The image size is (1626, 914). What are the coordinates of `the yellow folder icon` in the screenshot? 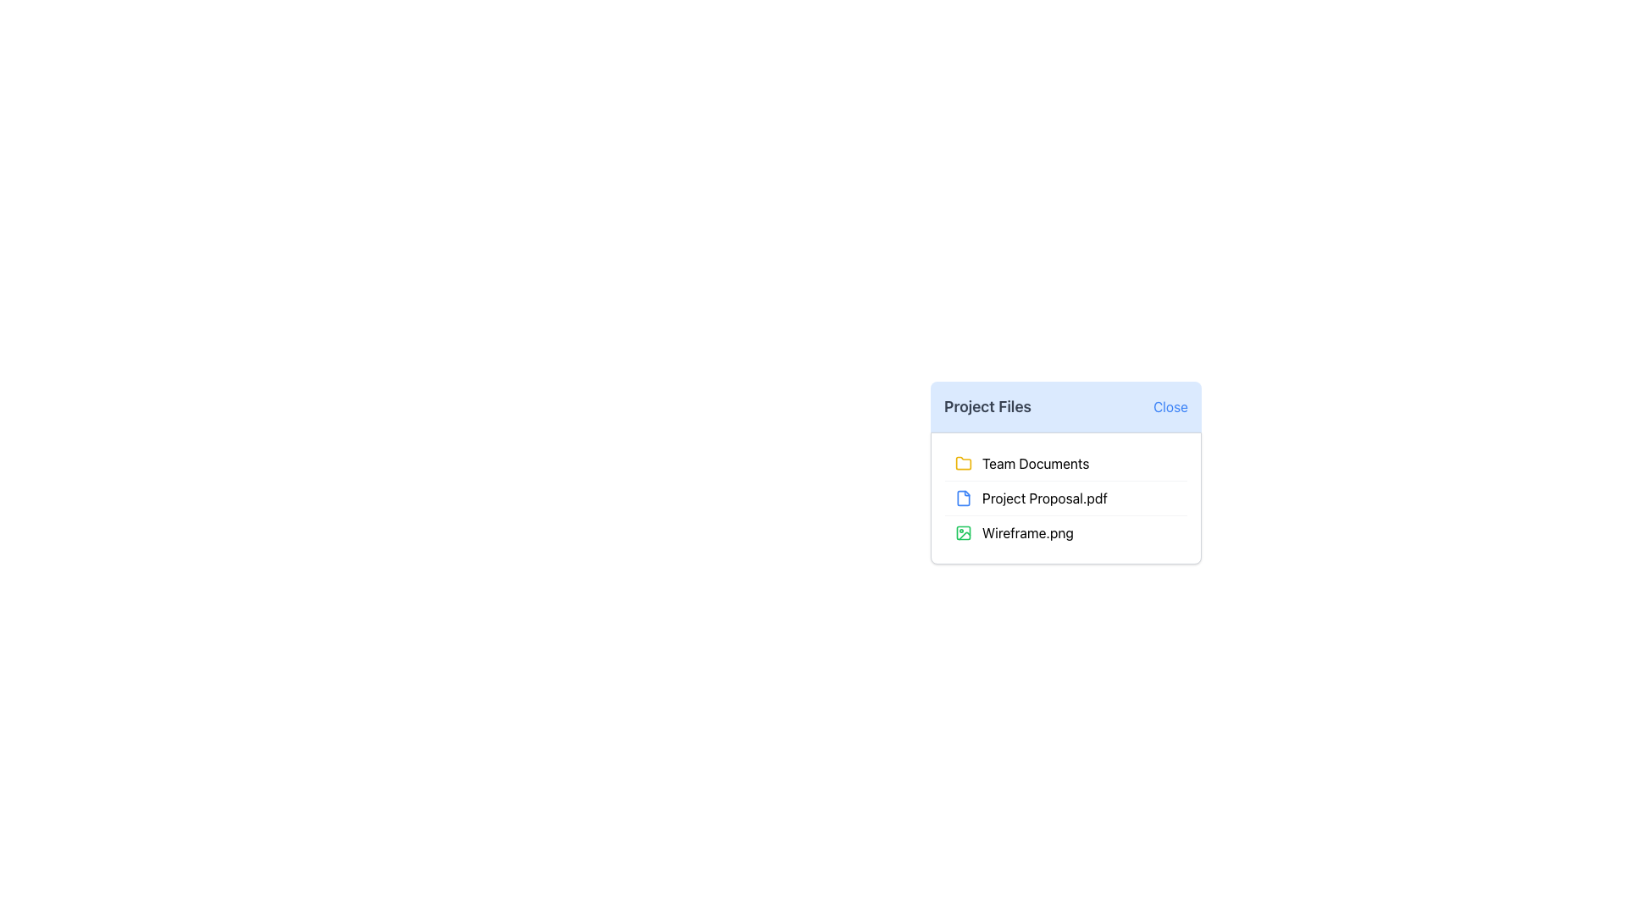 It's located at (963, 463).